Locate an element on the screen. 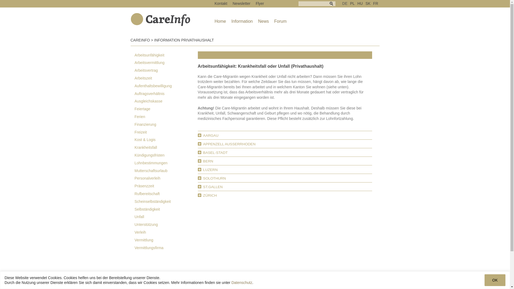 Image resolution: width=514 pixels, height=289 pixels. 'Aufenthaltsbewilligung' is located at coordinates (166, 86).